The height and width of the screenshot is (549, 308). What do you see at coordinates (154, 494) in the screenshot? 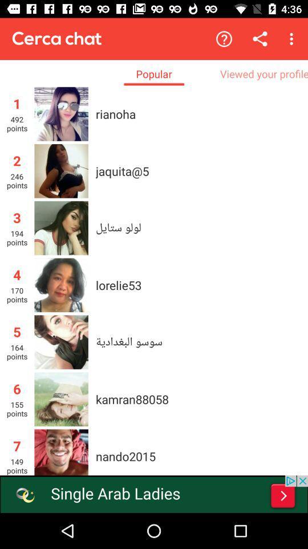
I see `advertisement` at bounding box center [154, 494].